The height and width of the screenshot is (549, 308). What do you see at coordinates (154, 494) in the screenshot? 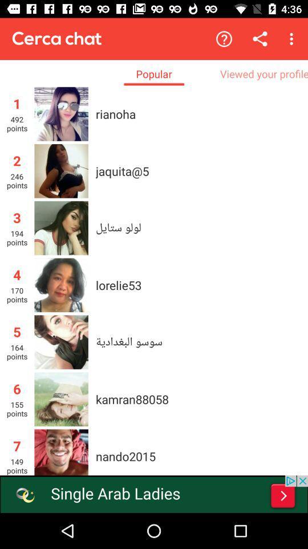
I see `advertisement` at bounding box center [154, 494].